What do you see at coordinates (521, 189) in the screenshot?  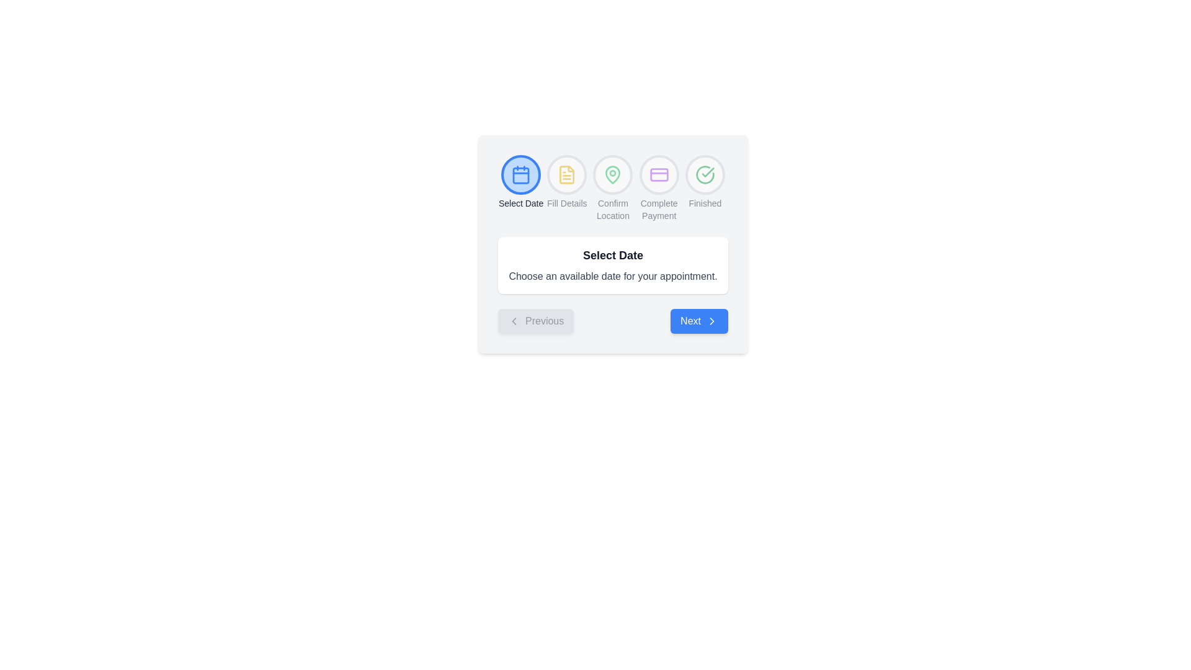 I see `the first step indicator in the progress tracker` at bounding box center [521, 189].